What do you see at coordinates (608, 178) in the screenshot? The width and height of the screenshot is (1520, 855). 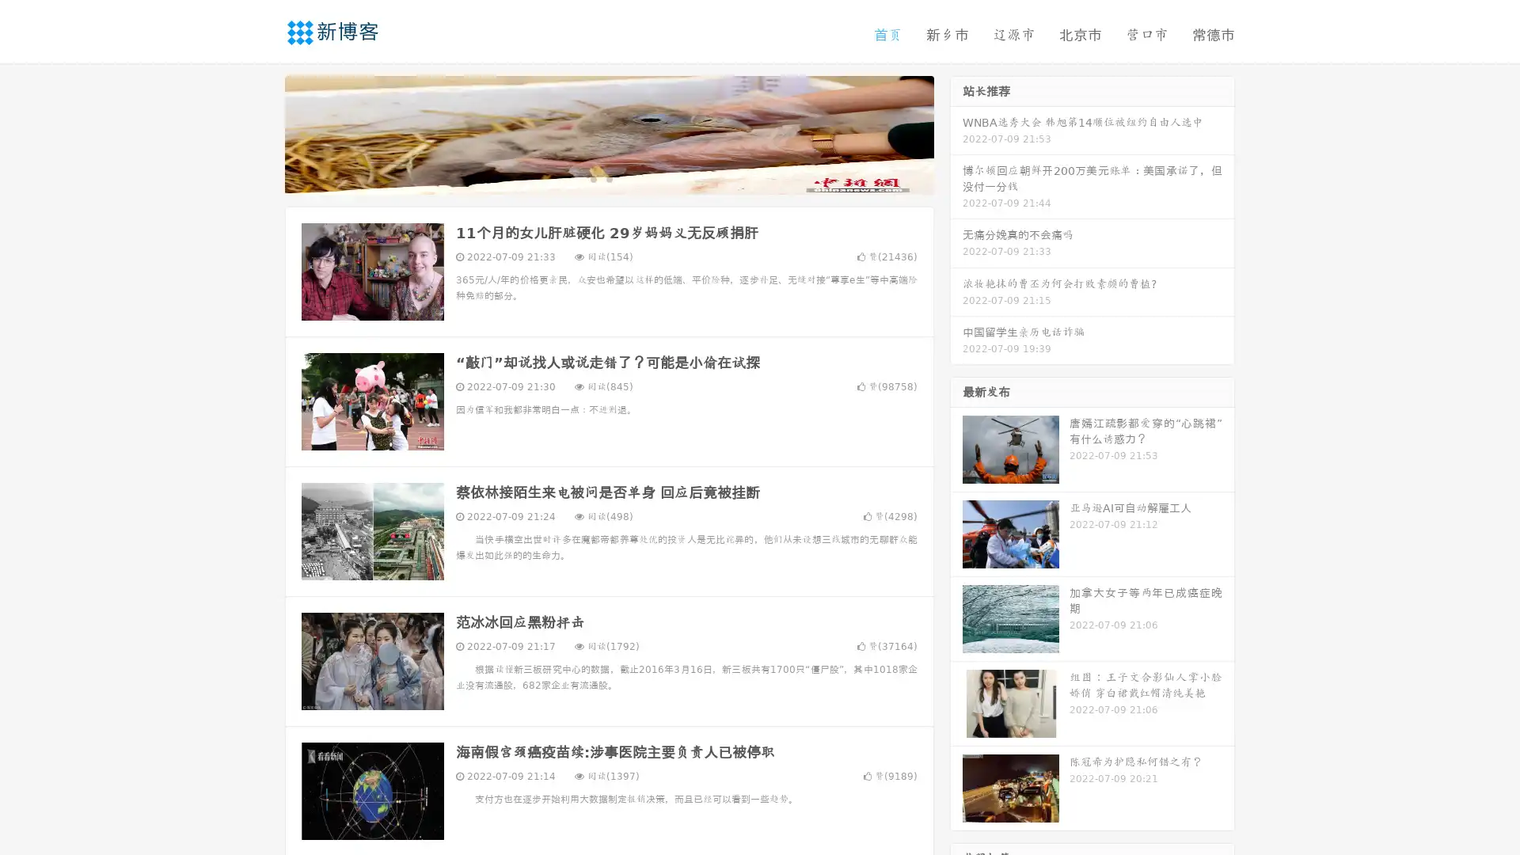 I see `Go to slide 2` at bounding box center [608, 178].